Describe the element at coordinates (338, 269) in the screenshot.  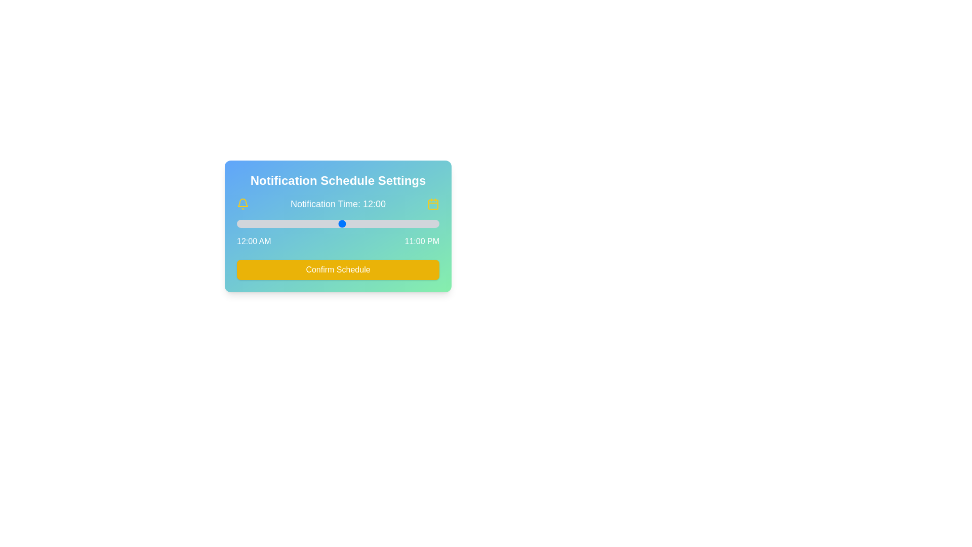
I see `the 'Confirm Schedule' button` at that location.